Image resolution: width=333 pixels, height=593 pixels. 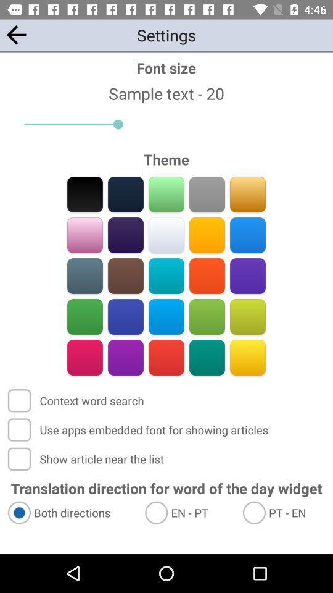 What do you see at coordinates (247, 357) in the screenshot?
I see `choose color` at bounding box center [247, 357].